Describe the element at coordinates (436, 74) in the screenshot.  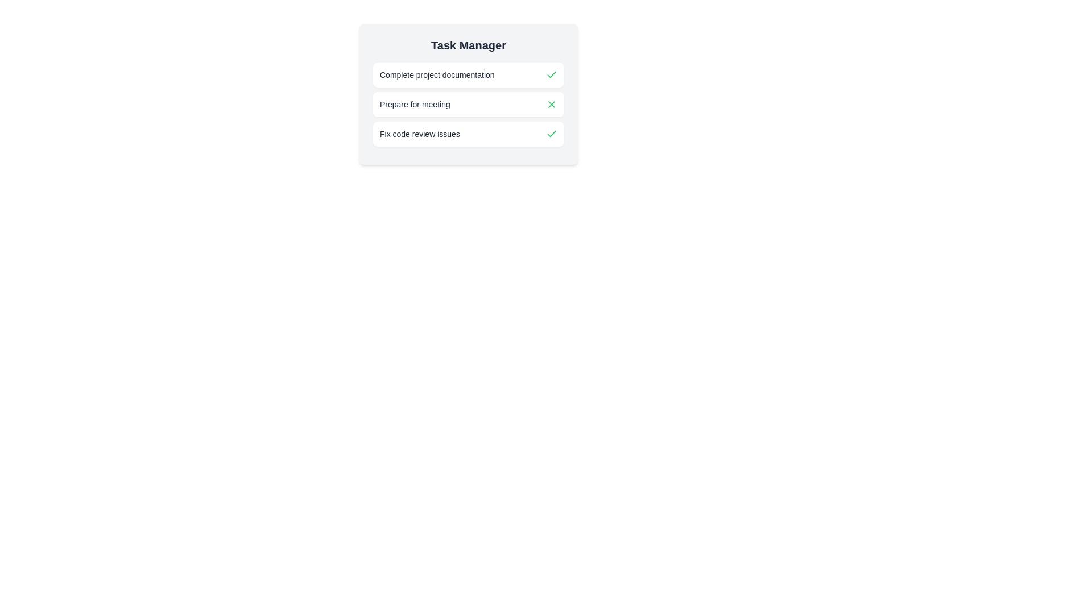
I see `the text label that describes the task or item in the topmost task card of the 'Task Manager' list` at that location.